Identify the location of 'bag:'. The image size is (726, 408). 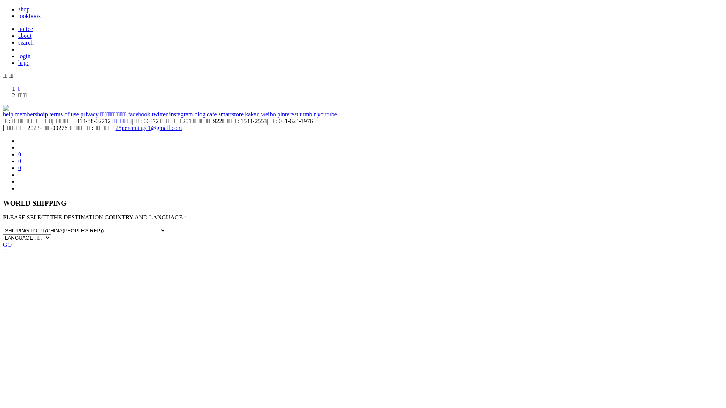
(23, 62).